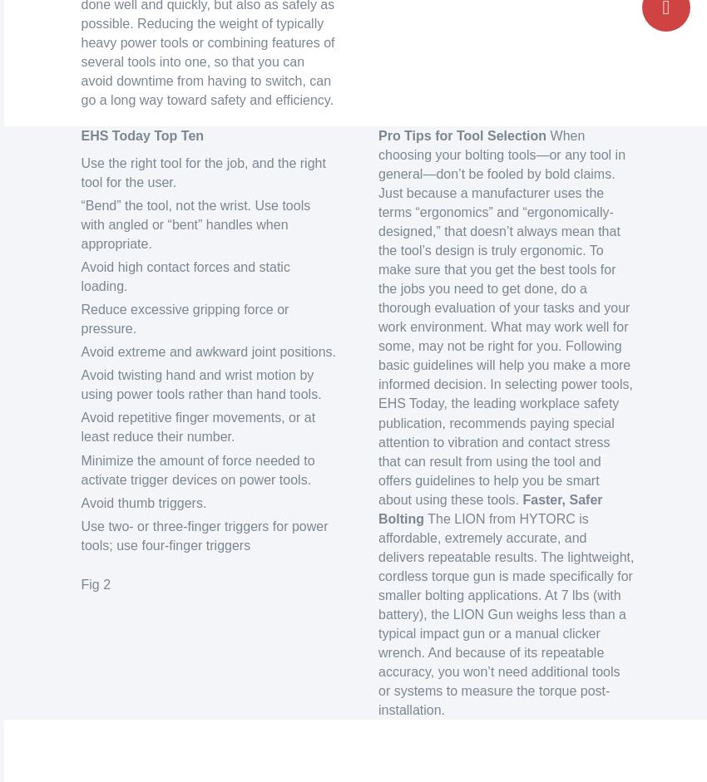 Image resolution: width=707 pixels, height=782 pixels. I want to click on 'Avoid thumb triggers.', so click(79, 502).